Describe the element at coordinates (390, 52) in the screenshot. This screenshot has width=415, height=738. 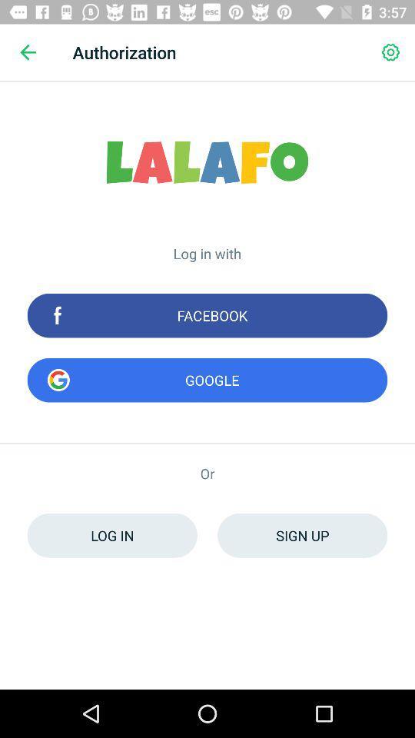
I see `icon next to authorization icon` at that location.